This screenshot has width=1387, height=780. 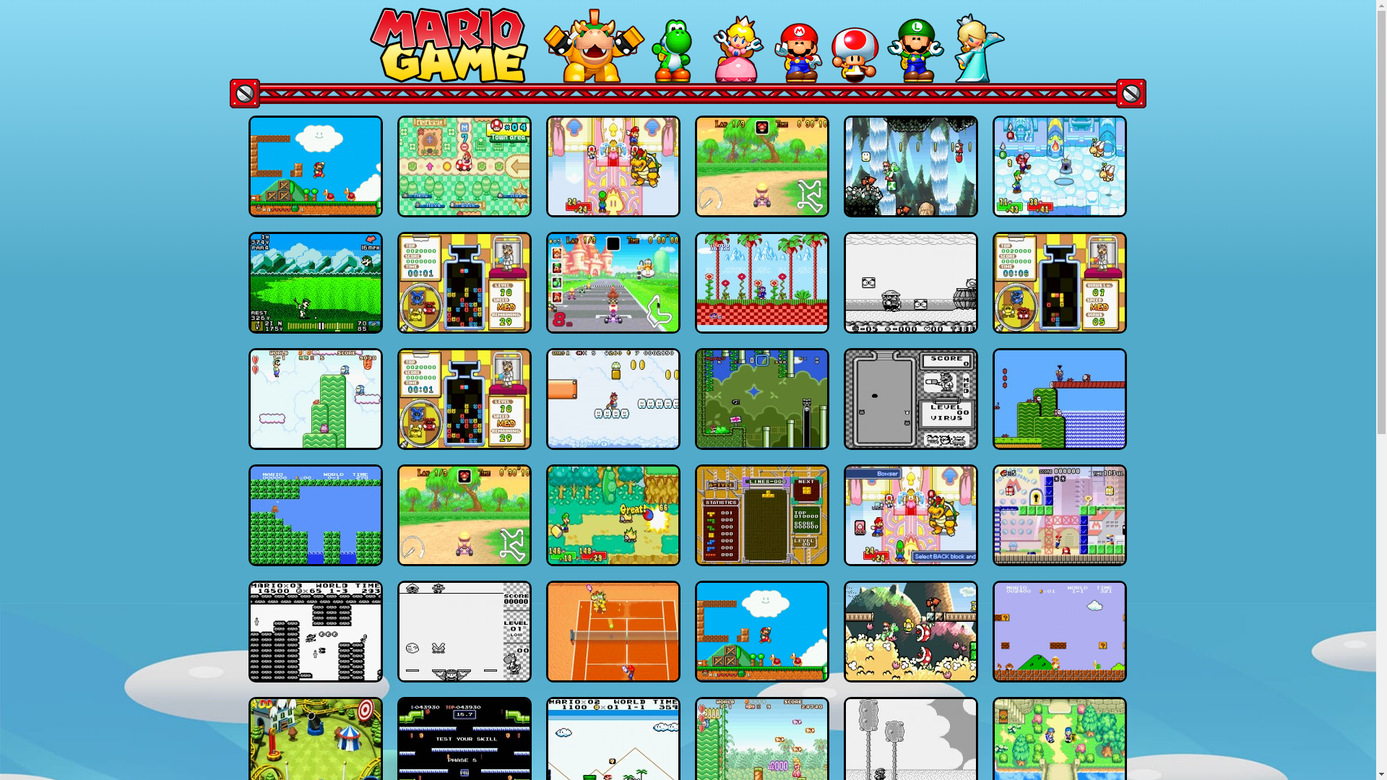 I want to click on 'Mario Pinball Land', so click(x=314, y=746).